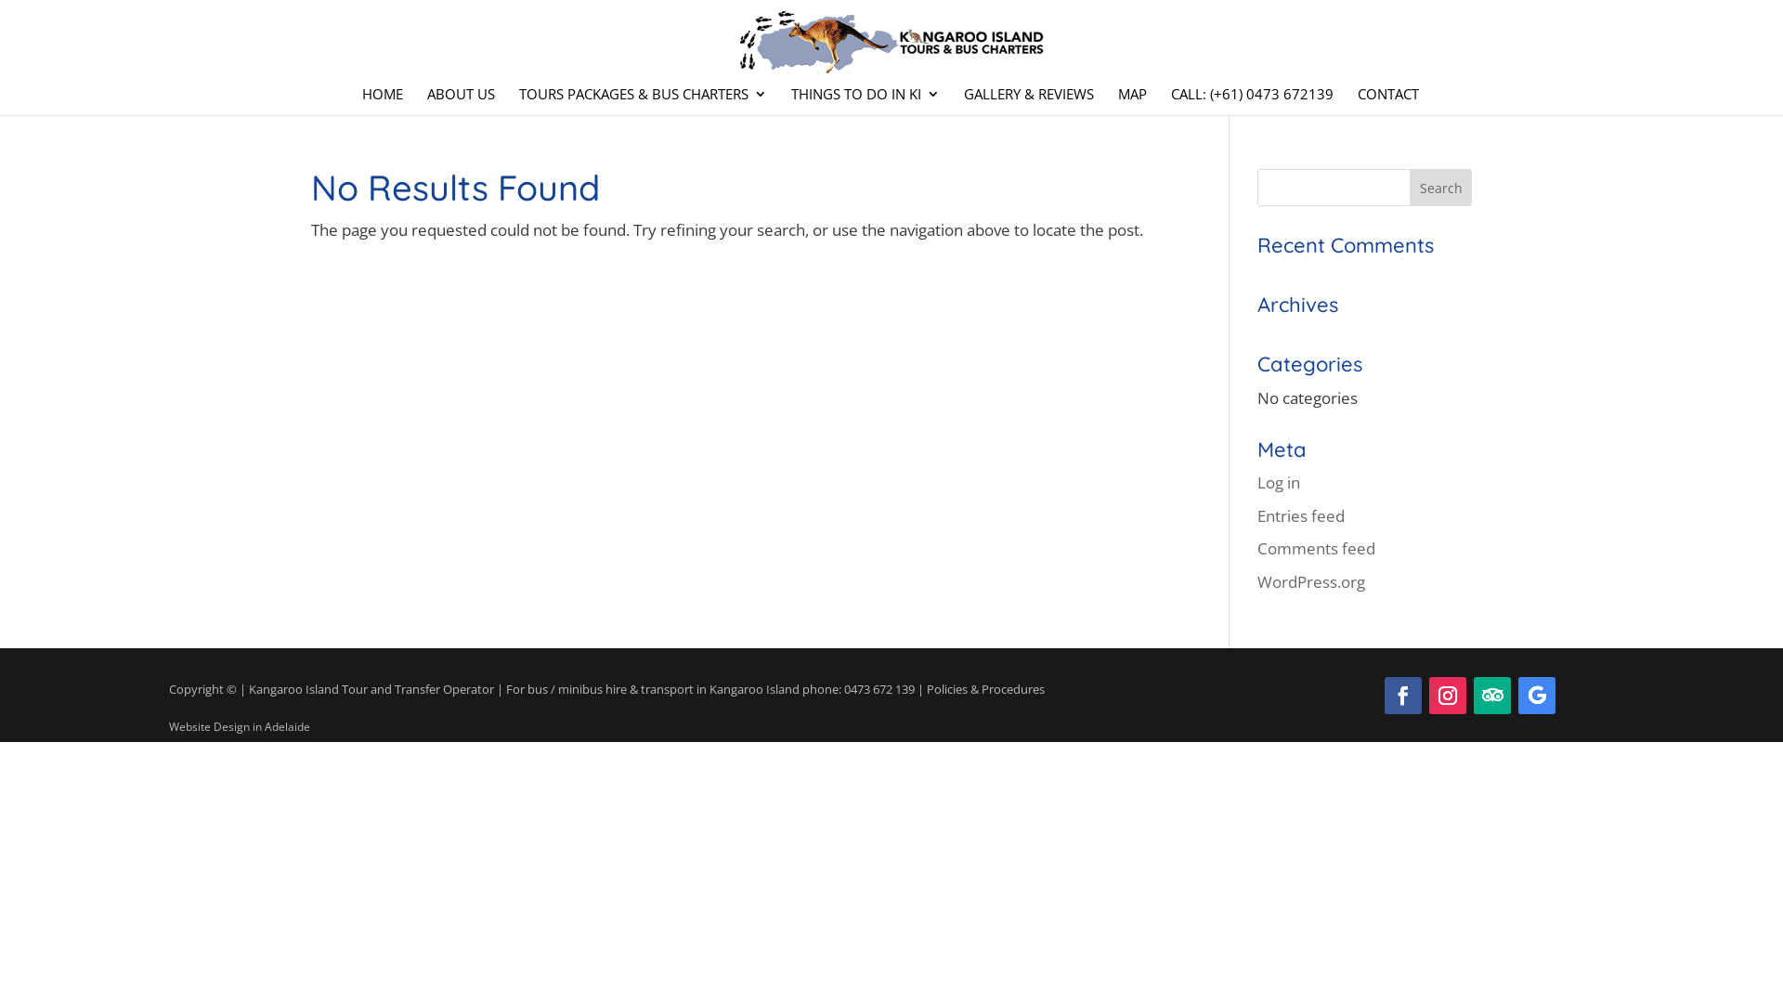 This screenshot has width=1783, height=1003. What do you see at coordinates (984, 688) in the screenshot?
I see `'Policies & Procedures'` at bounding box center [984, 688].